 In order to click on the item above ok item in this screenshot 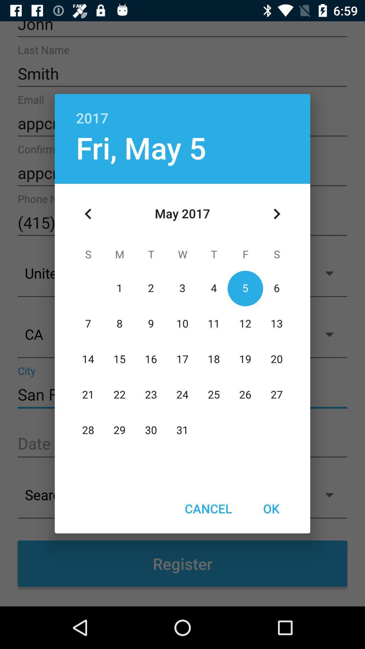, I will do `click(276, 214)`.